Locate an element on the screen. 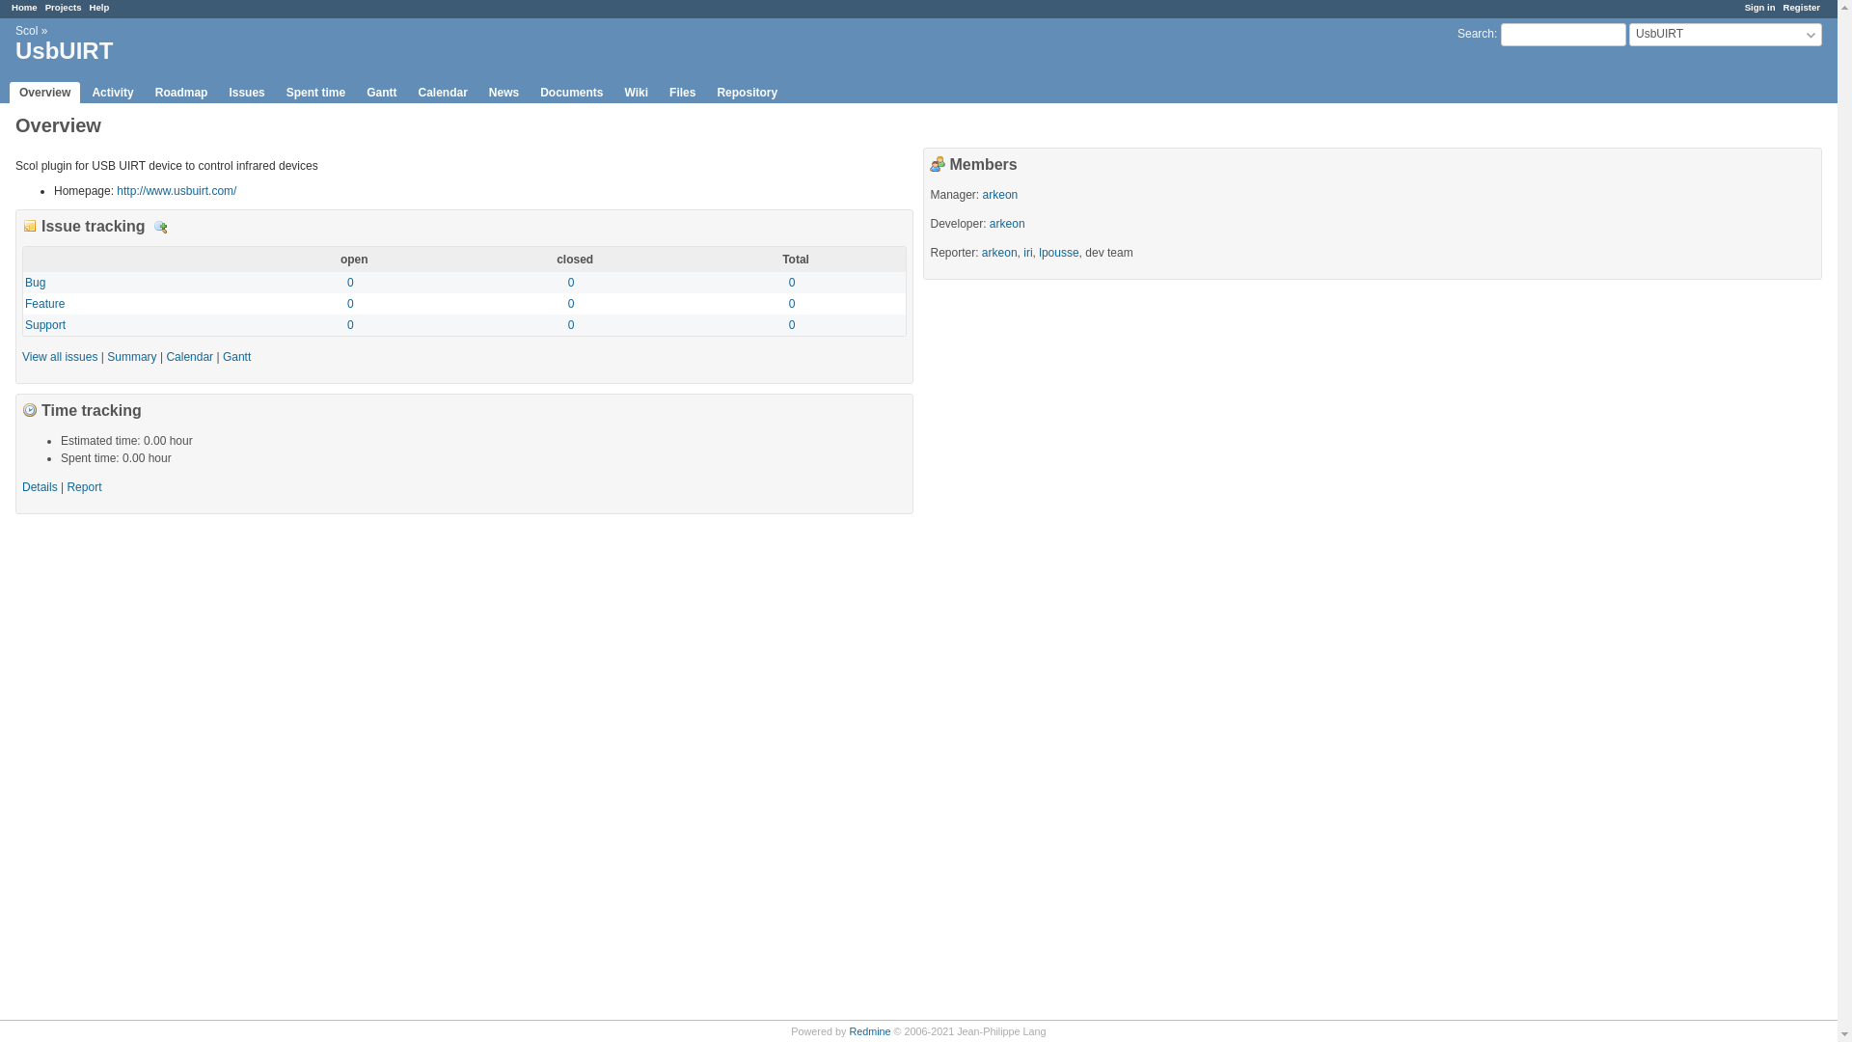 The image size is (1852, 1042). 'iri' is located at coordinates (1021, 252).